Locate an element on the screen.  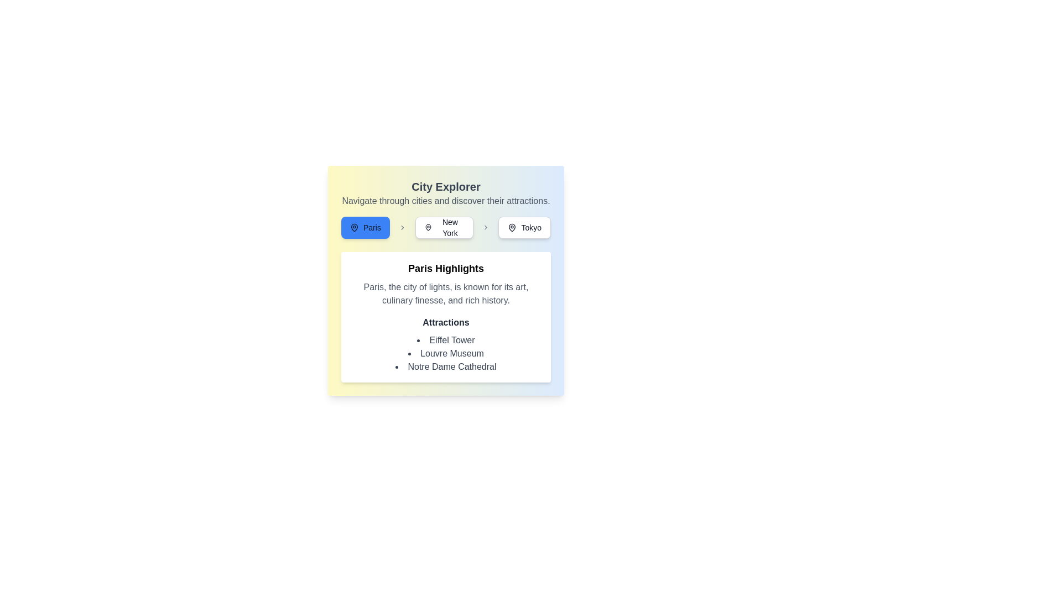
the location pin icon representing the city 'Paris' for accessibility purposes is located at coordinates (512, 227).